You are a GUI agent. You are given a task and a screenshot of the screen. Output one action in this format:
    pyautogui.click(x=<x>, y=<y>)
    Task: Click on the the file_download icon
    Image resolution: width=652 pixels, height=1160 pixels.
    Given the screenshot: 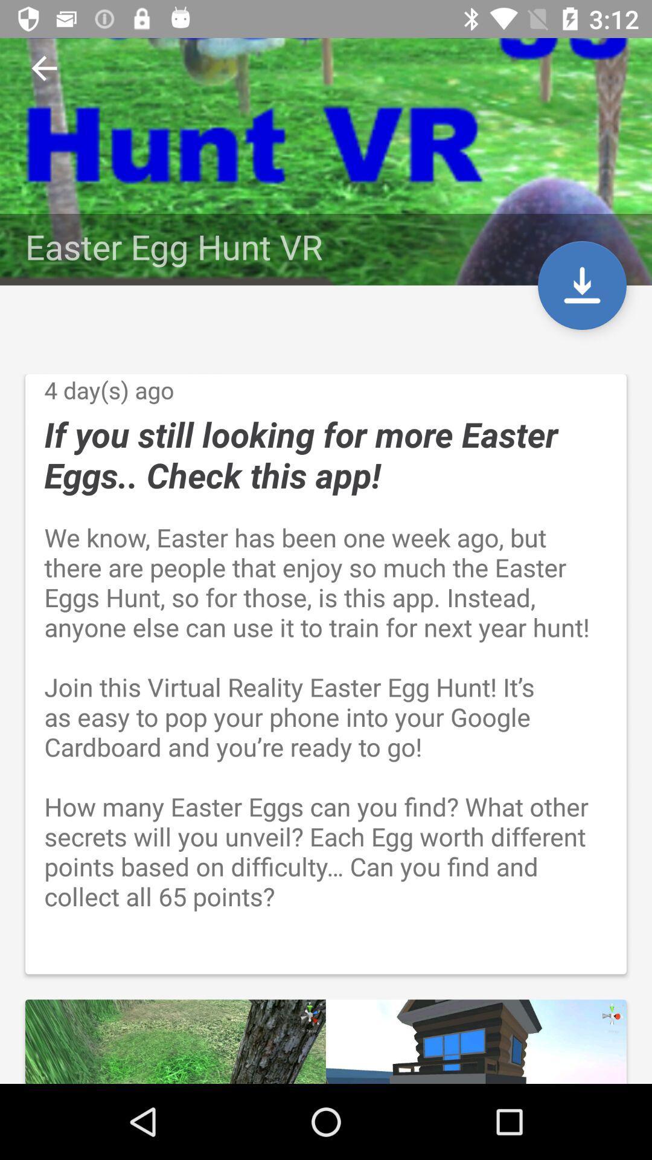 What is the action you would take?
    pyautogui.click(x=581, y=305)
    